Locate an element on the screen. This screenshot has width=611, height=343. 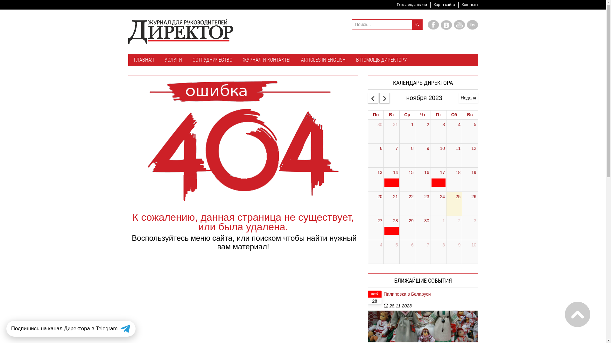
'22' is located at coordinates (411, 197).